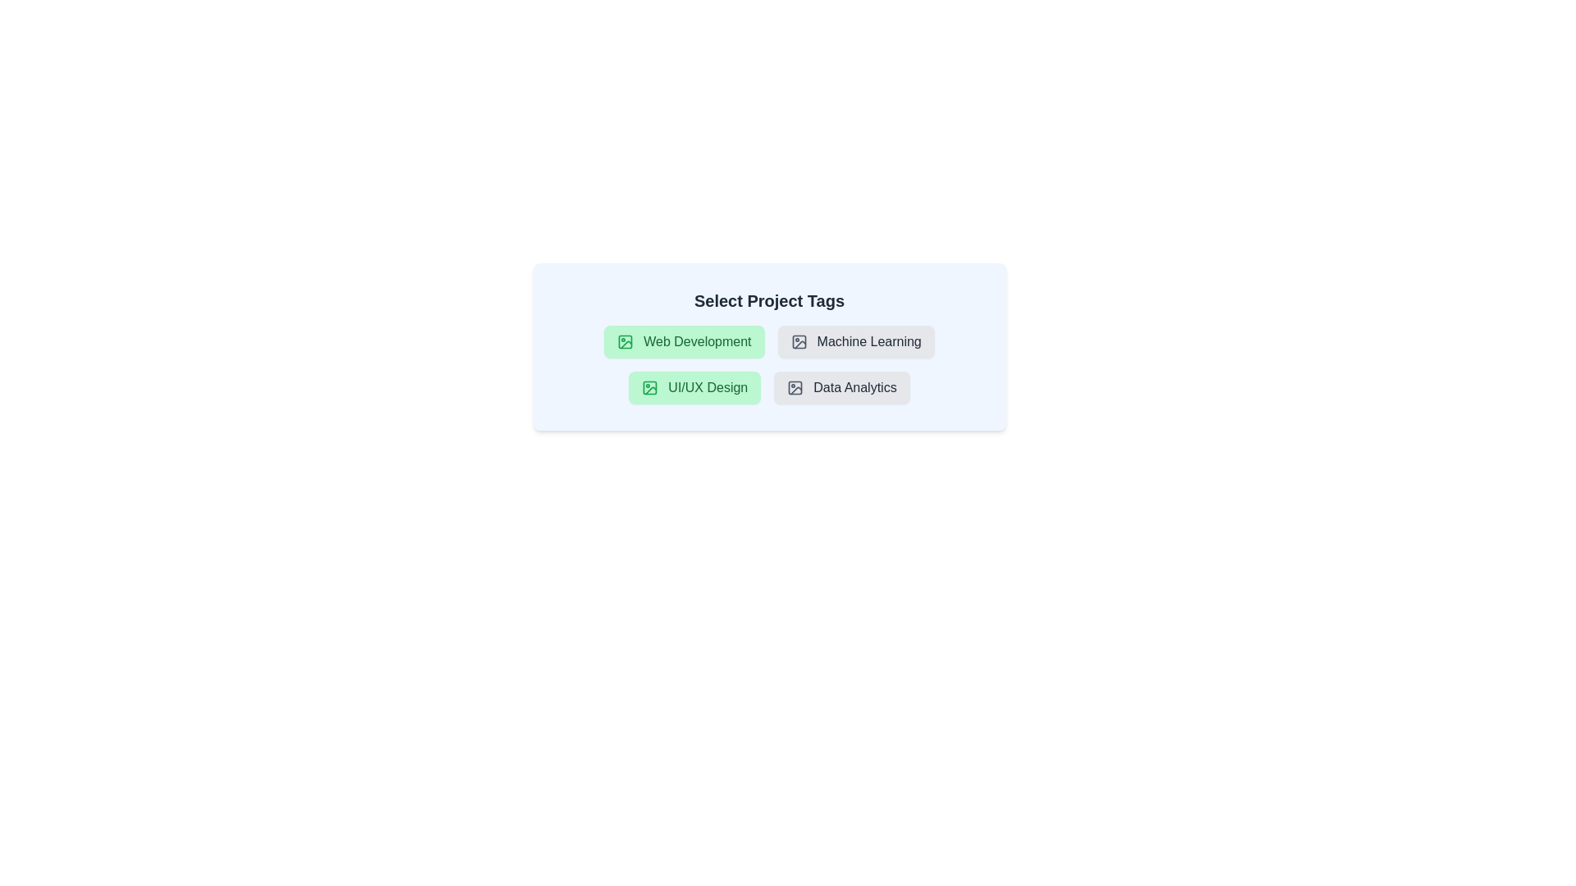  I want to click on the tag labeled 'UI/UX Design' by clicking on it, so click(694, 388).